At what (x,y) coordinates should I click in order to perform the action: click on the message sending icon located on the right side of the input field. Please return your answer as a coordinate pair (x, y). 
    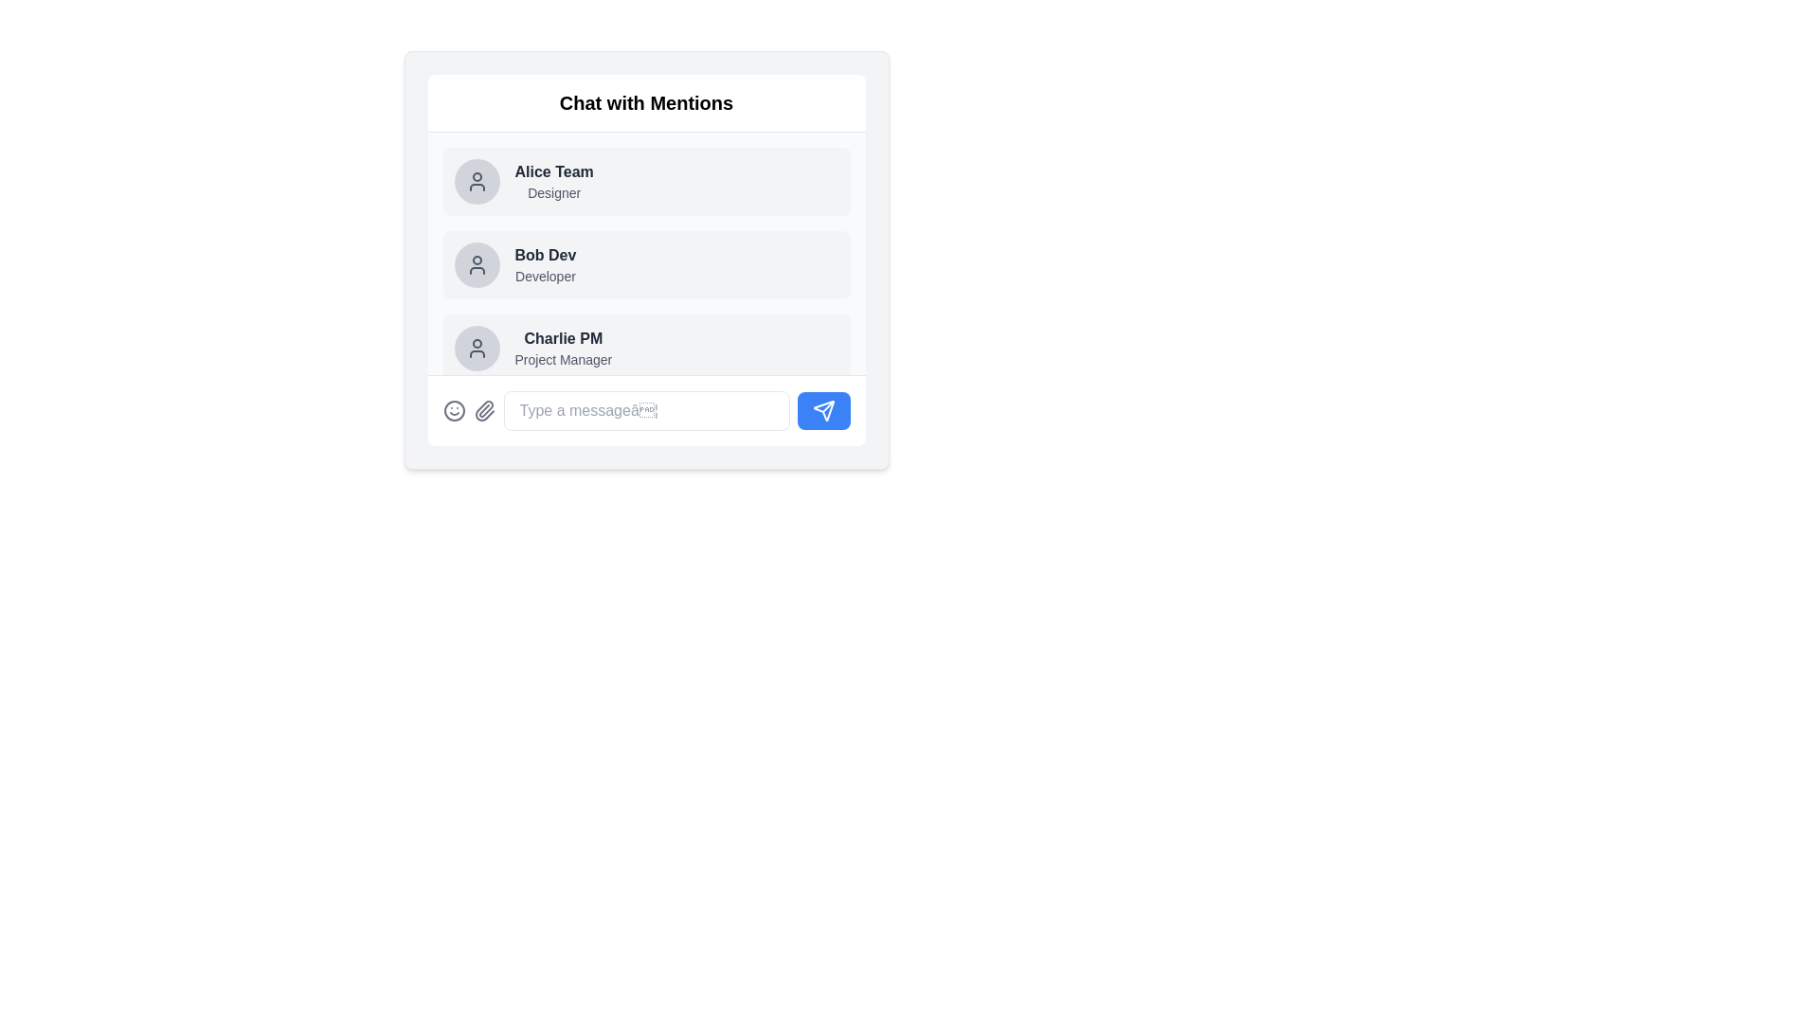
    Looking at the image, I should click on (823, 410).